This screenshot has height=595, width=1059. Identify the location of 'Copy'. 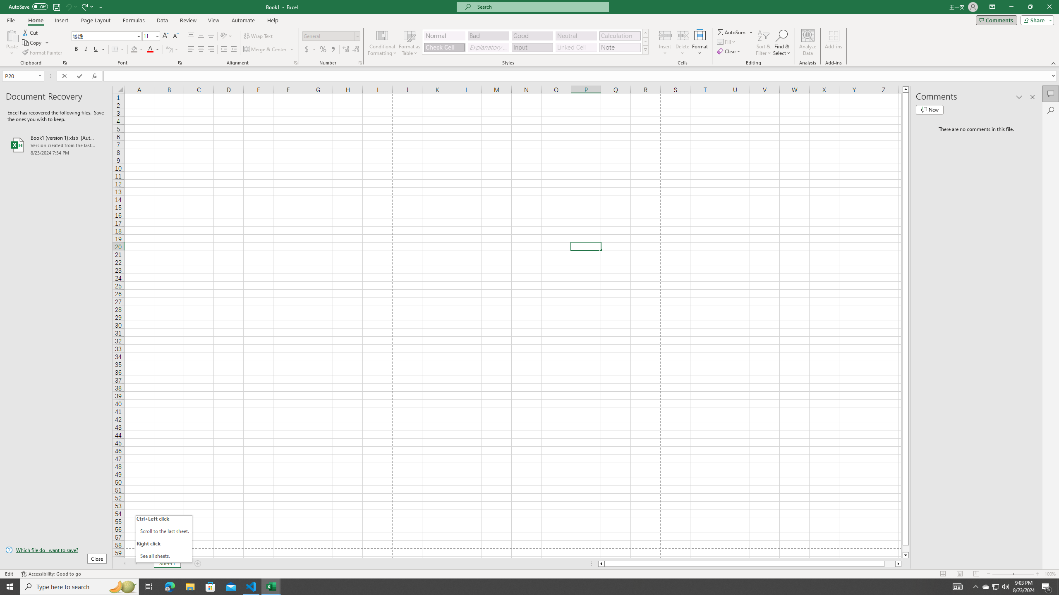
(36, 43).